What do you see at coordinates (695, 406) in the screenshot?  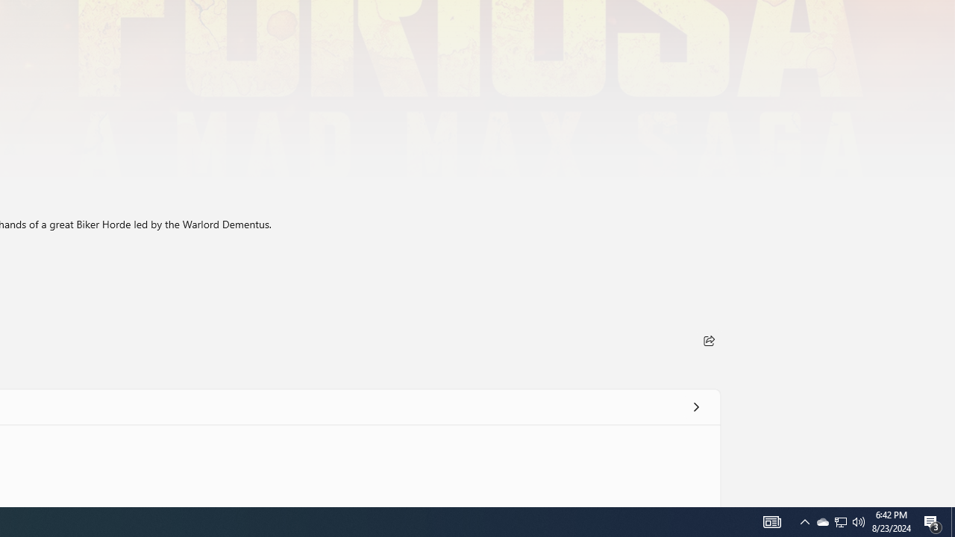 I see `'See all'` at bounding box center [695, 406].